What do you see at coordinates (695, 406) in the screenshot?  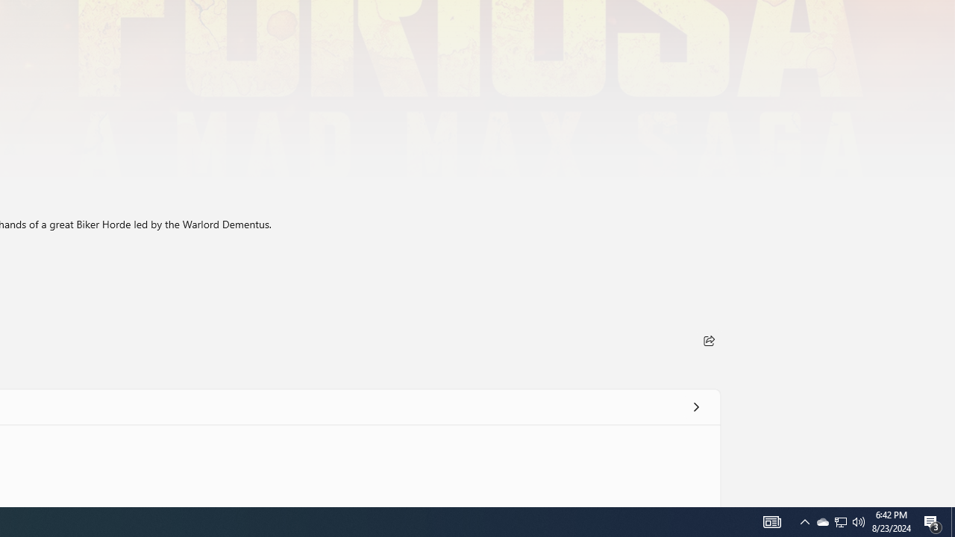 I see `'See all'` at bounding box center [695, 406].